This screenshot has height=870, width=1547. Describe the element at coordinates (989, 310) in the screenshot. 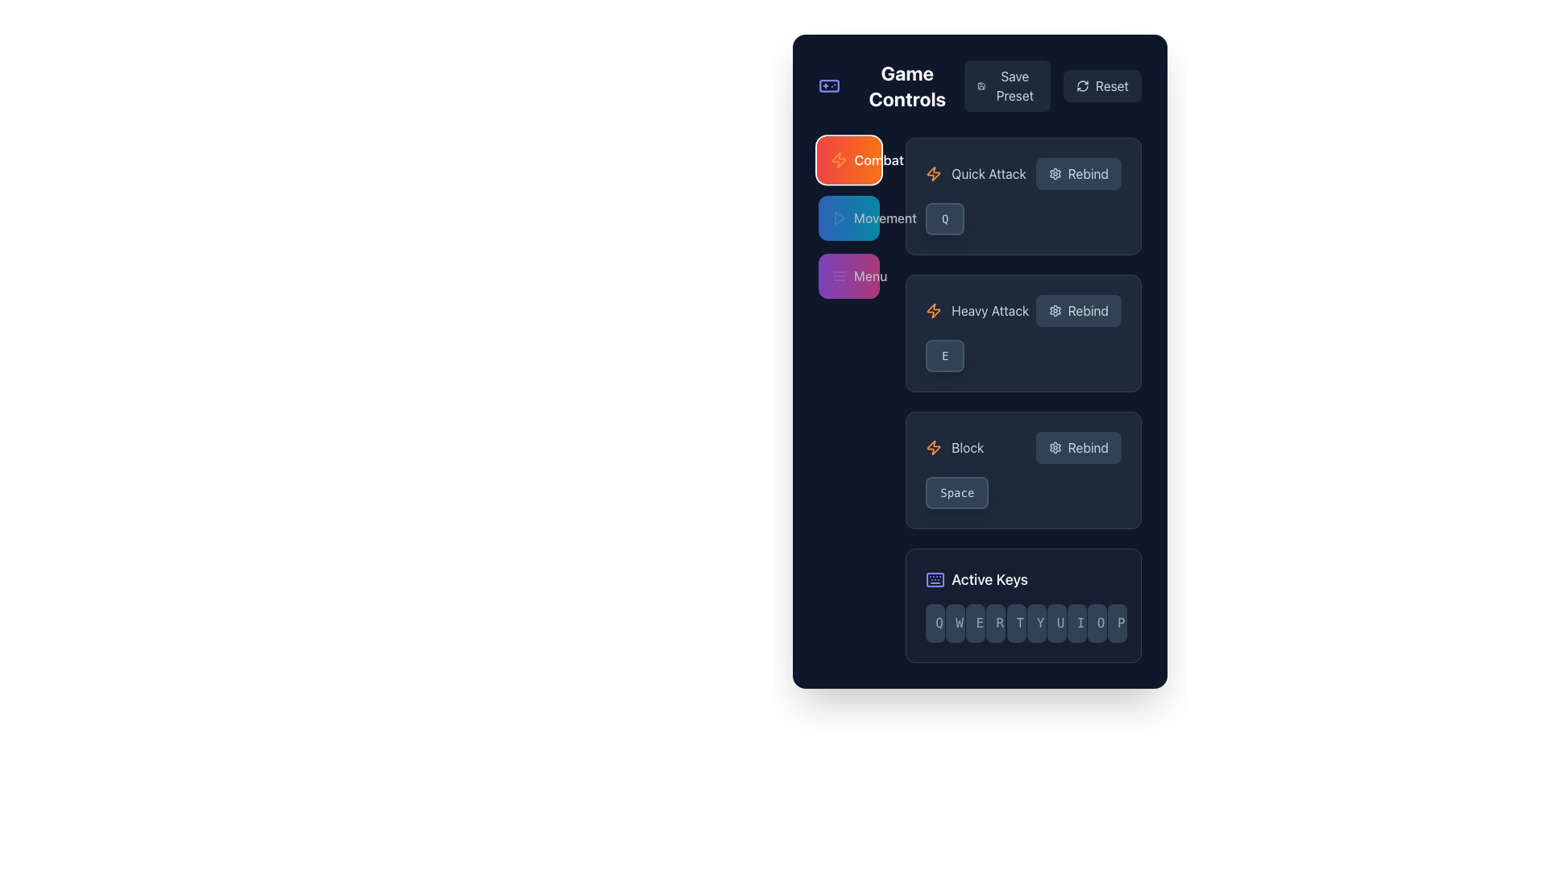

I see `the 'Heavy Attack' text label located in the second row of the control box under the 'Combat' section, positioned between an icon on the left and a 'Rebind' button on the right` at that location.